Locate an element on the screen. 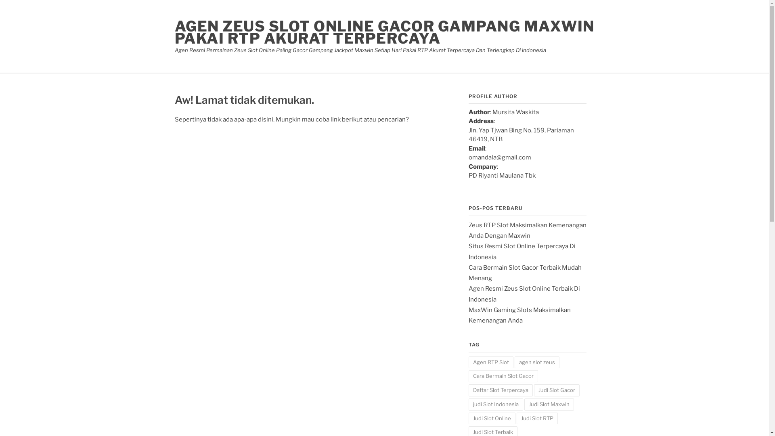 The image size is (775, 436). 'Judi Slot Maxwin' is located at coordinates (549, 405).